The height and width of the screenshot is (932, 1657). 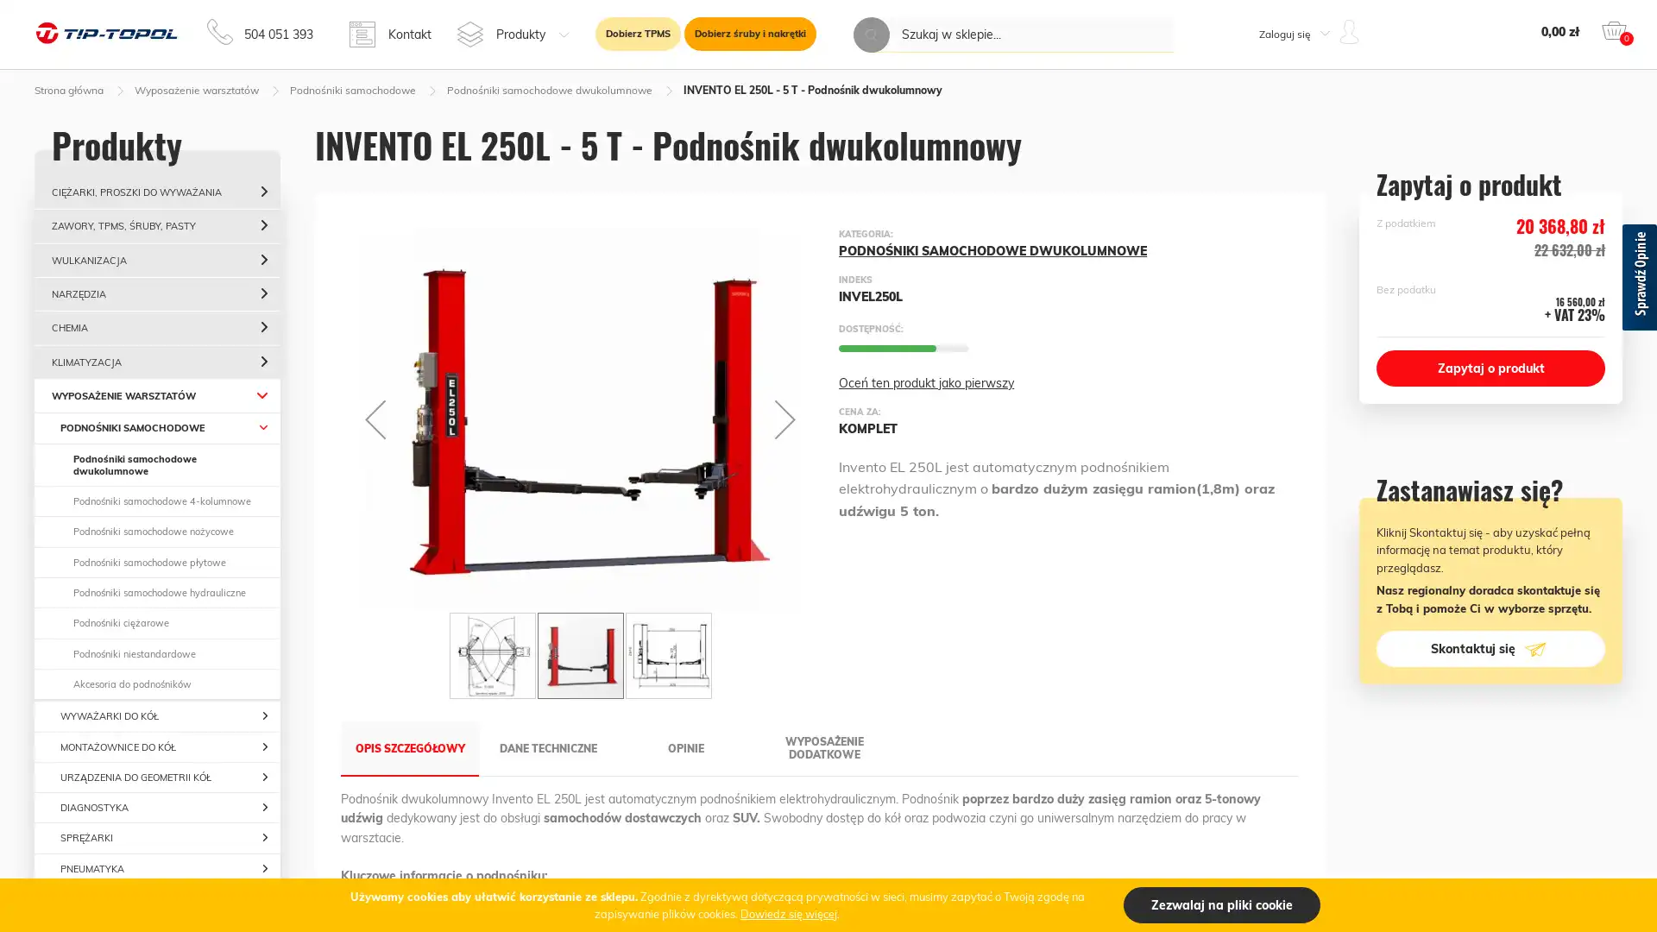 What do you see at coordinates (352, 655) in the screenshot?
I see `Previous` at bounding box center [352, 655].